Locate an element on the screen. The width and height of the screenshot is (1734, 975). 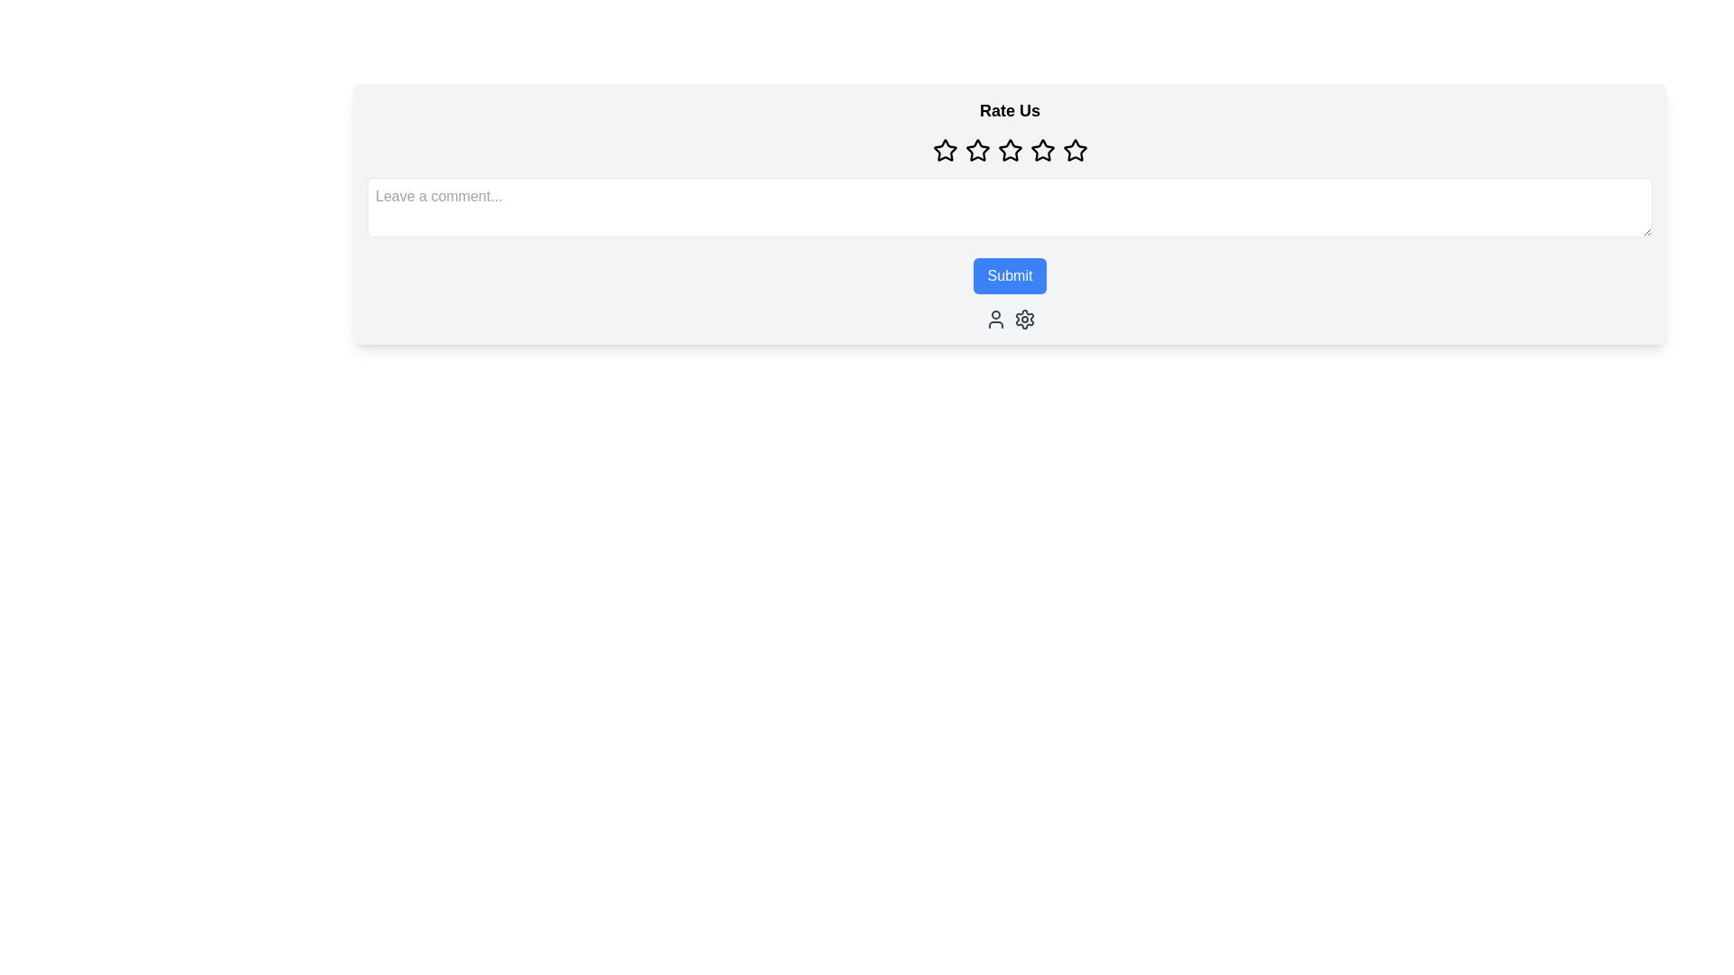
the fourth star icon in the rating section to set a rating is located at coordinates (1042, 149).